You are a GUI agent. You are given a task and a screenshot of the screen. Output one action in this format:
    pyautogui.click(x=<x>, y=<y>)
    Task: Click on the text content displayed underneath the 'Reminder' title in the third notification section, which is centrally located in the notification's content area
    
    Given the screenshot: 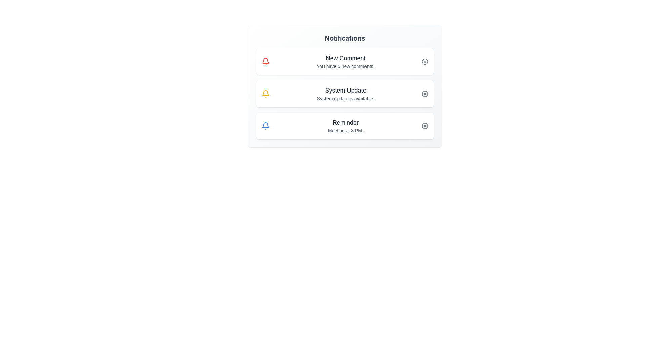 What is the action you would take?
    pyautogui.click(x=345, y=130)
    